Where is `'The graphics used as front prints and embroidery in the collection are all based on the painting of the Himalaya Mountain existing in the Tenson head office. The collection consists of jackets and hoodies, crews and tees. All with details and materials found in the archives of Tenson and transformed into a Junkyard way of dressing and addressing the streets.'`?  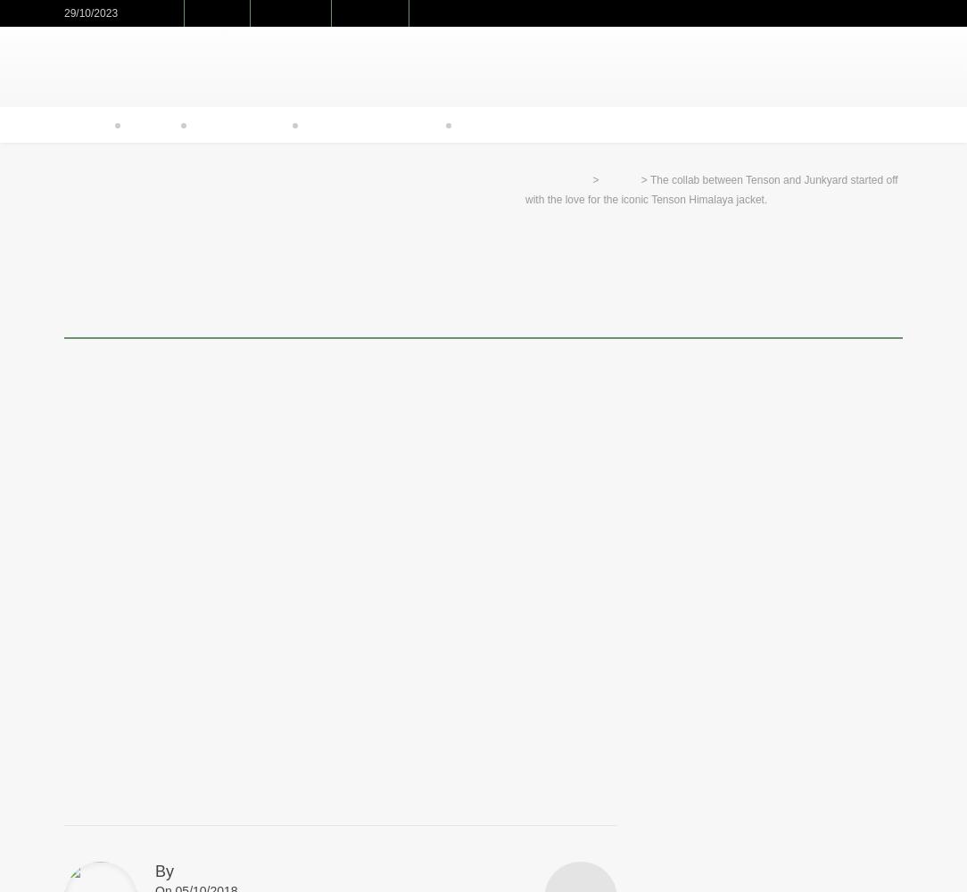
'The graphics used as front prints and embroidery in the collection are all based on the painting of the Himalaya Mountain existing in the Tenson head office. The collection consists of jackets and hoodies, crews and tees. All with details and materials found in the archives of Tenson and transformed into a Junkyard way of dressing and addressing the streets.' is located at coordinates (331, 664).